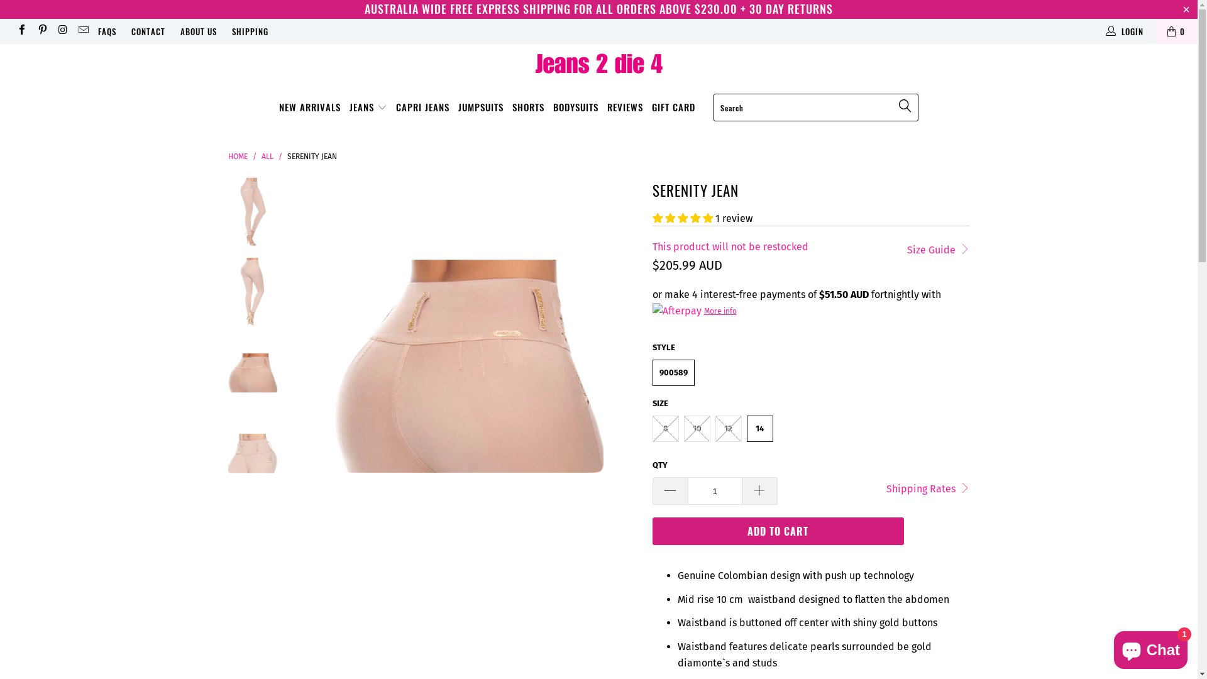 This screenshot has width=1207, height=679. What do you see at coordinates (693, 311) in the screenshot?
I see `'More info'` at bounding box center [693, 311].